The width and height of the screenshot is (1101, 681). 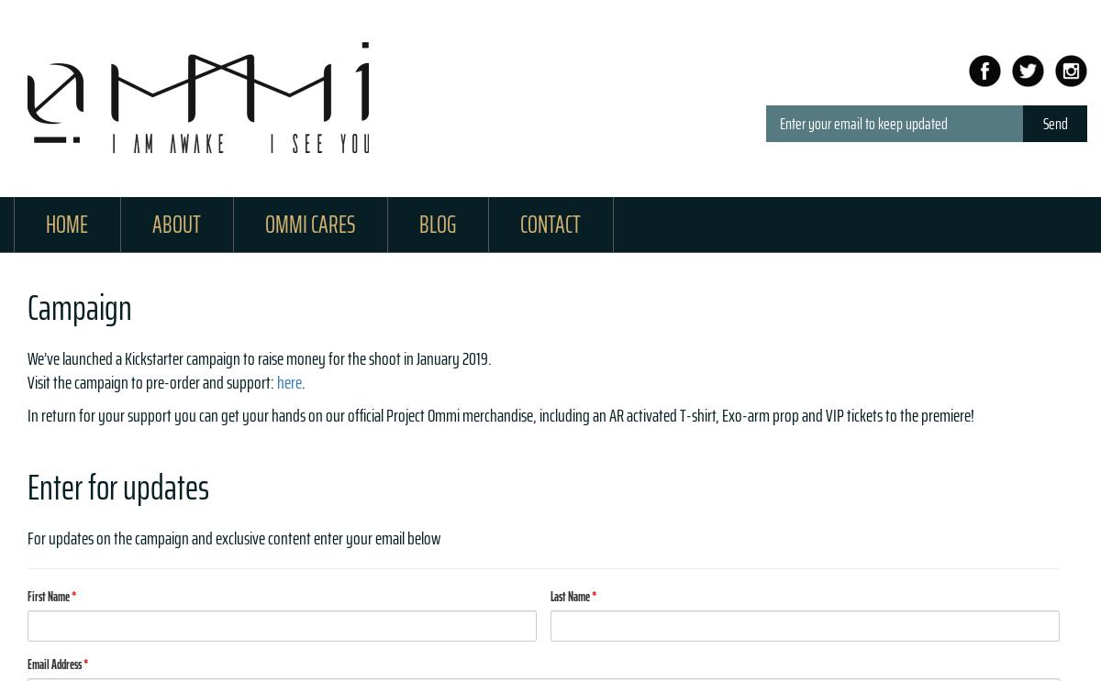 What do you see at coordinates (550, 595) in the screenshot?
I see `'Last Name'` at bounding box center [550, 595].